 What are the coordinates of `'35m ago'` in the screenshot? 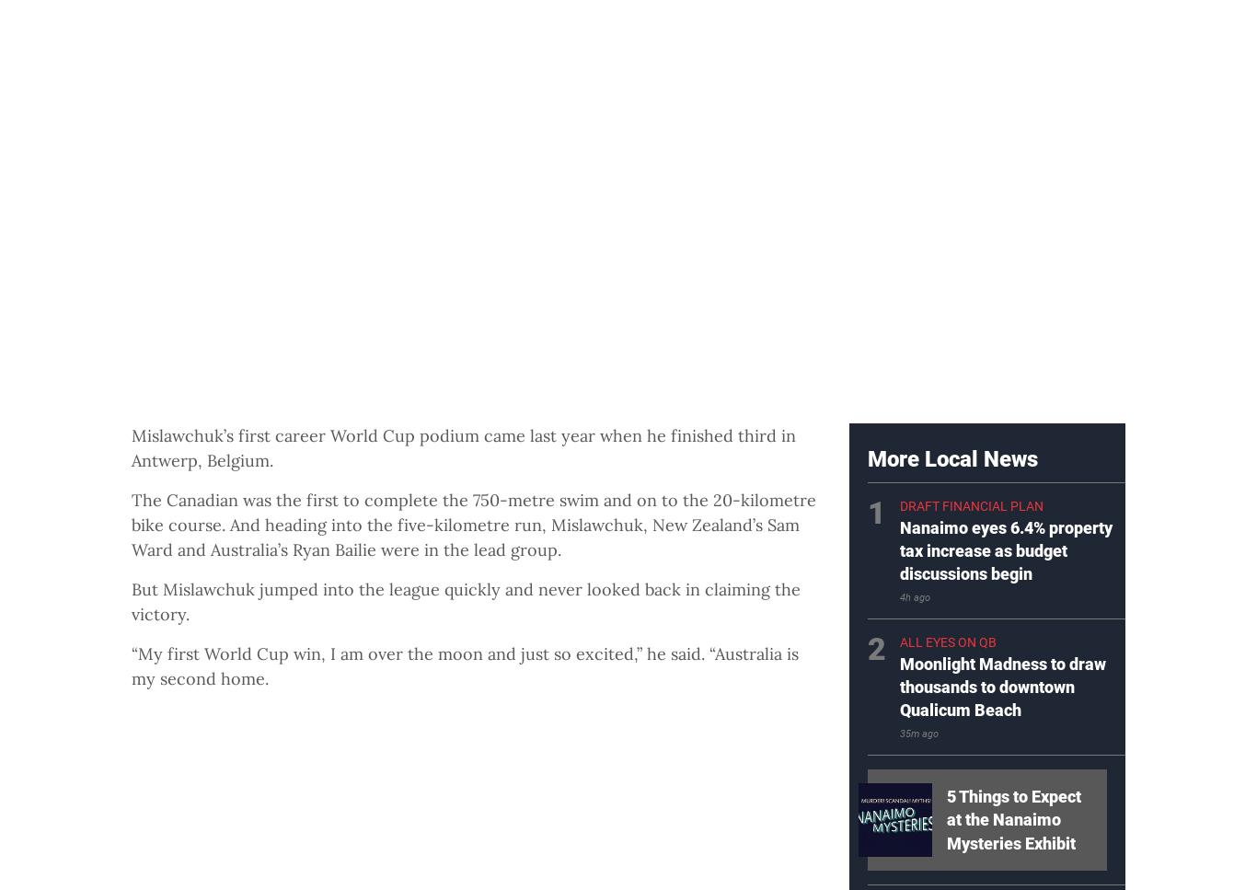 It's located at (900, 732).